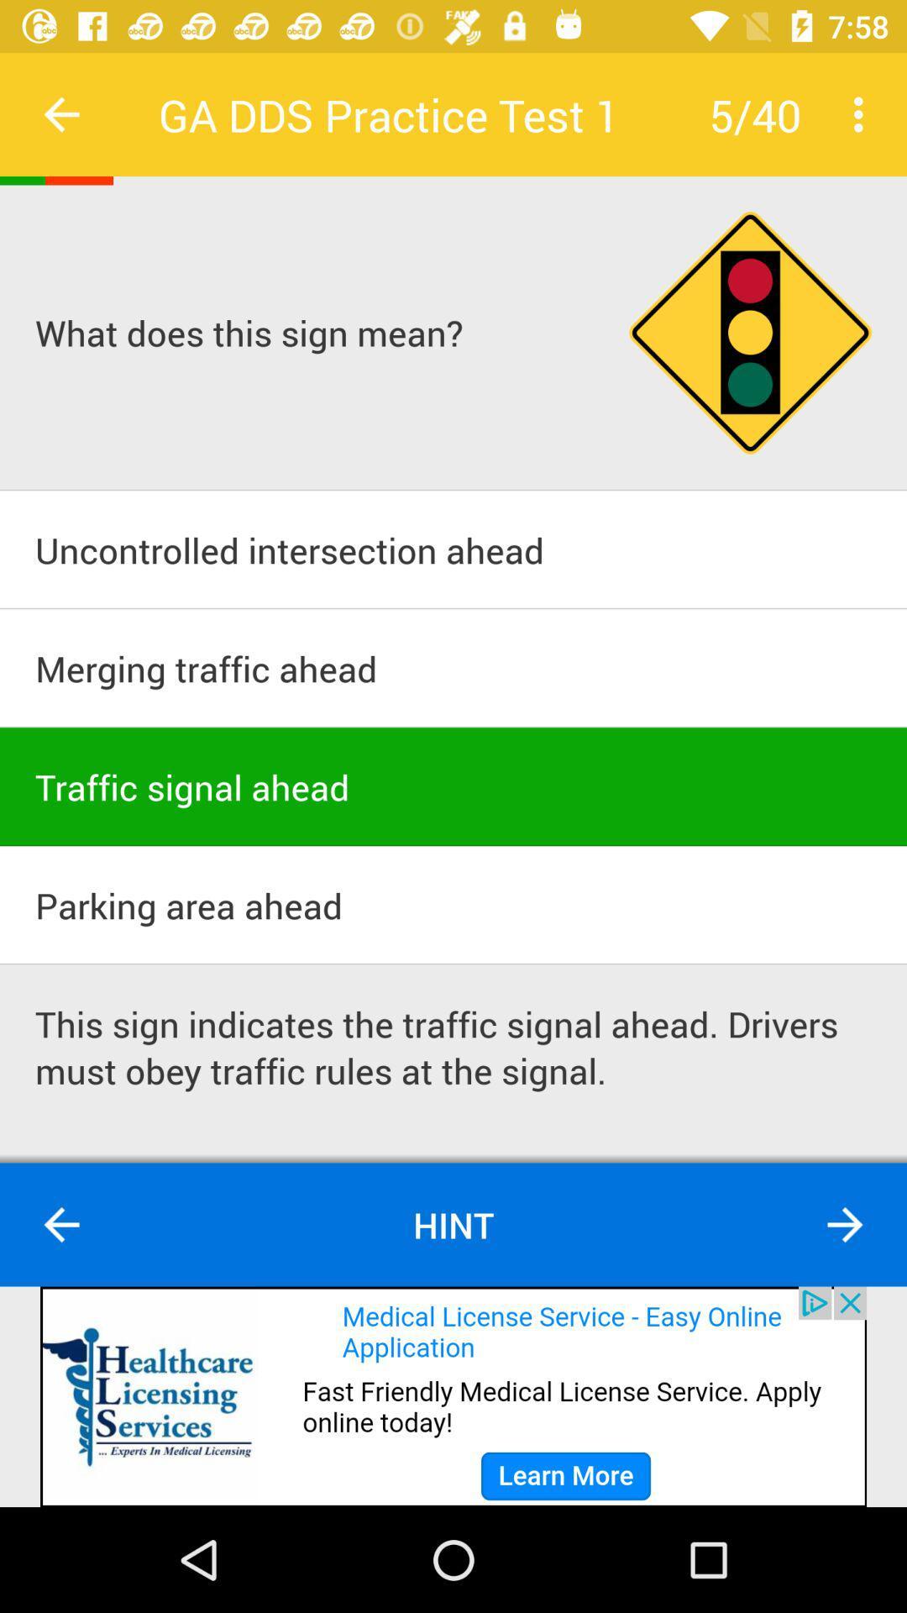 This screenshot has height=1613, width=907. I want to click on traffic symbol sign, so click(749, 333).